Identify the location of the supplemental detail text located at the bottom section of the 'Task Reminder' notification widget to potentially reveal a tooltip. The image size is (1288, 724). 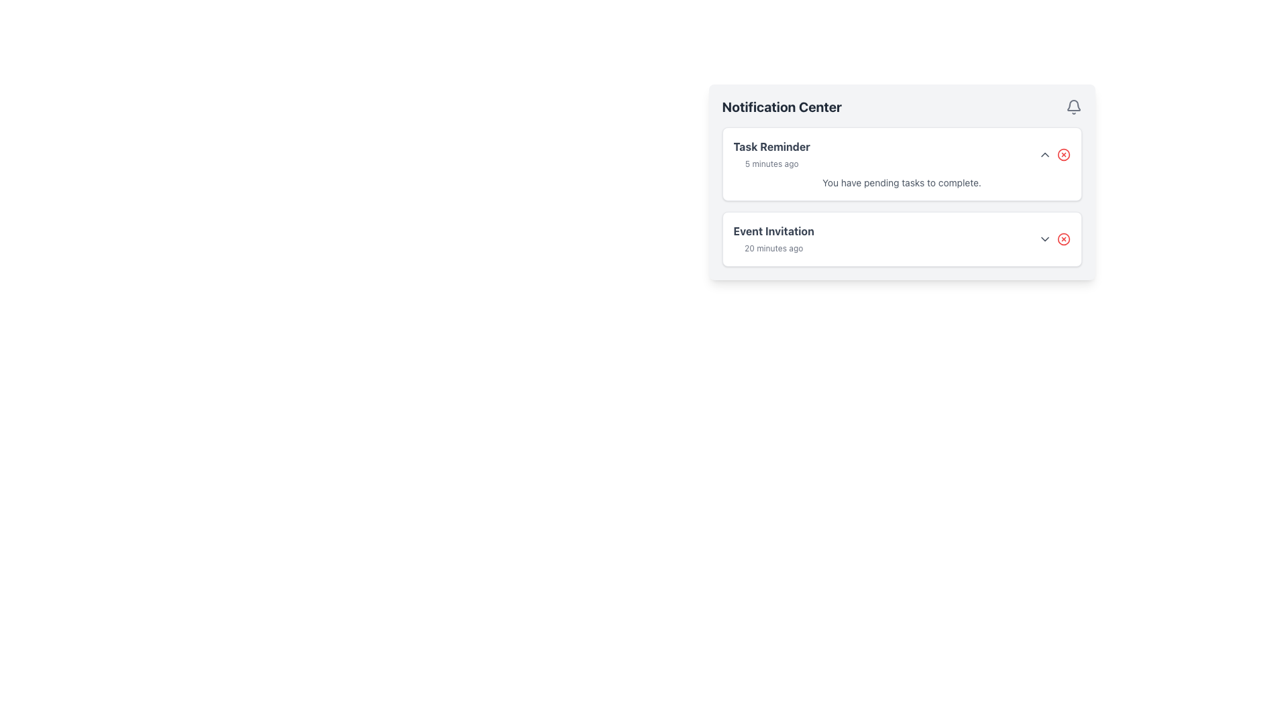
(902, 183).